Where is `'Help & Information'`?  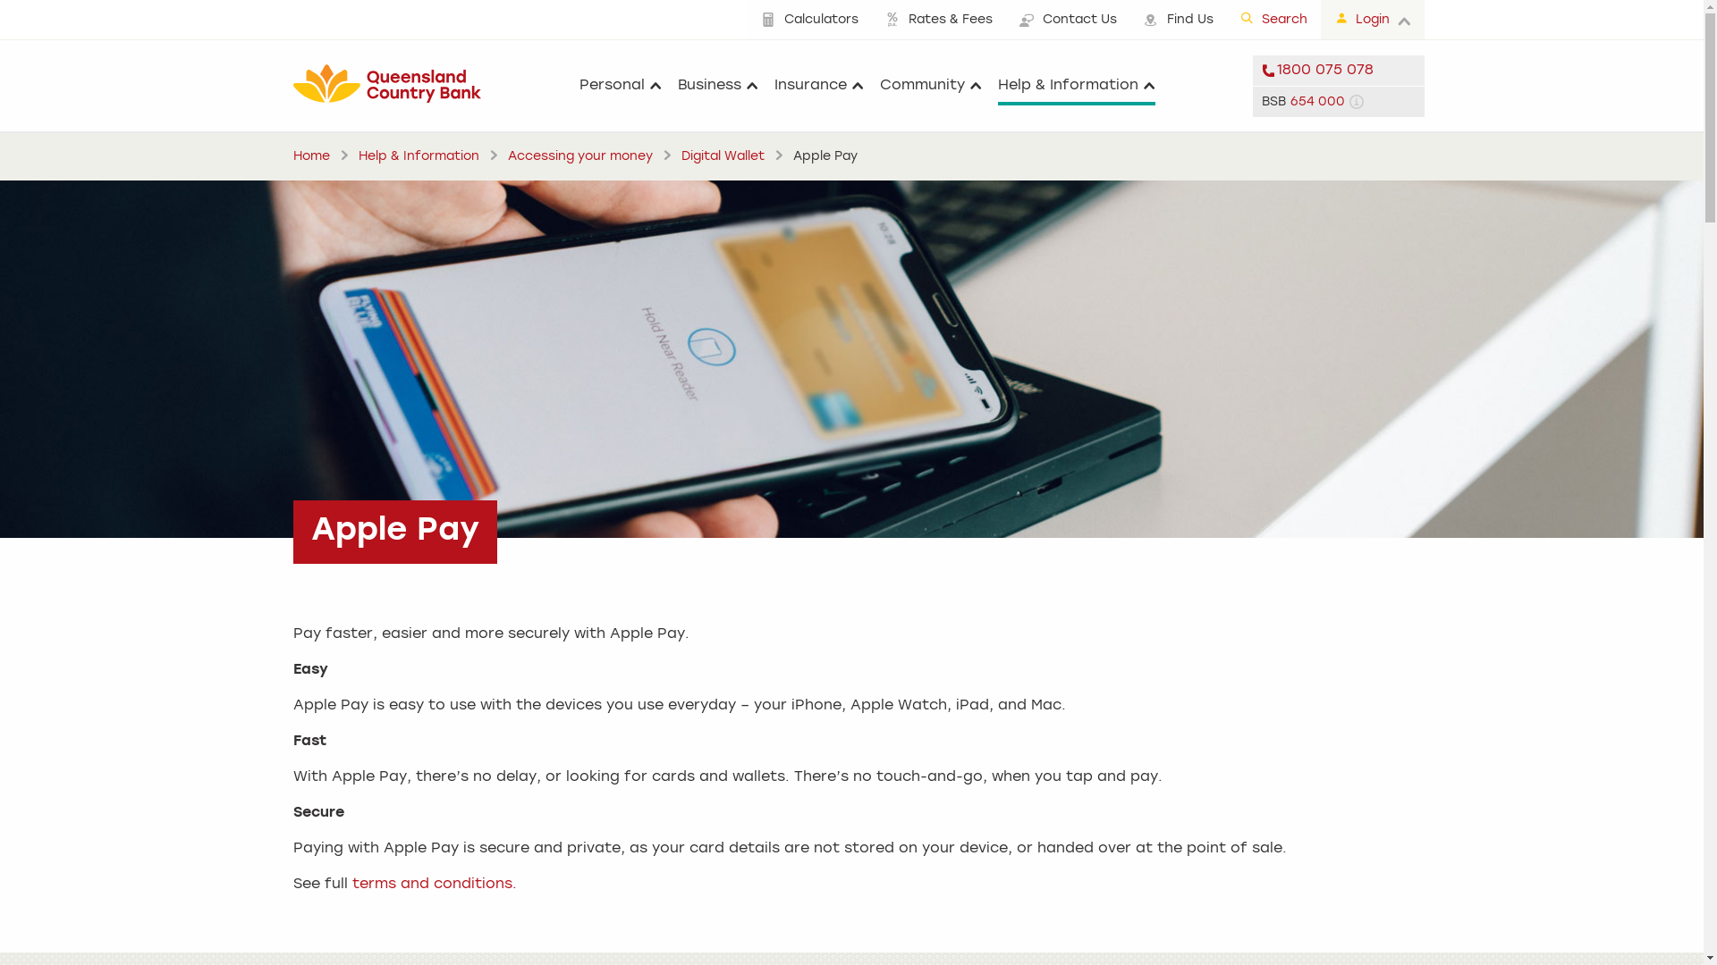 'Help & Information' is located at coordinates (1076, 86).